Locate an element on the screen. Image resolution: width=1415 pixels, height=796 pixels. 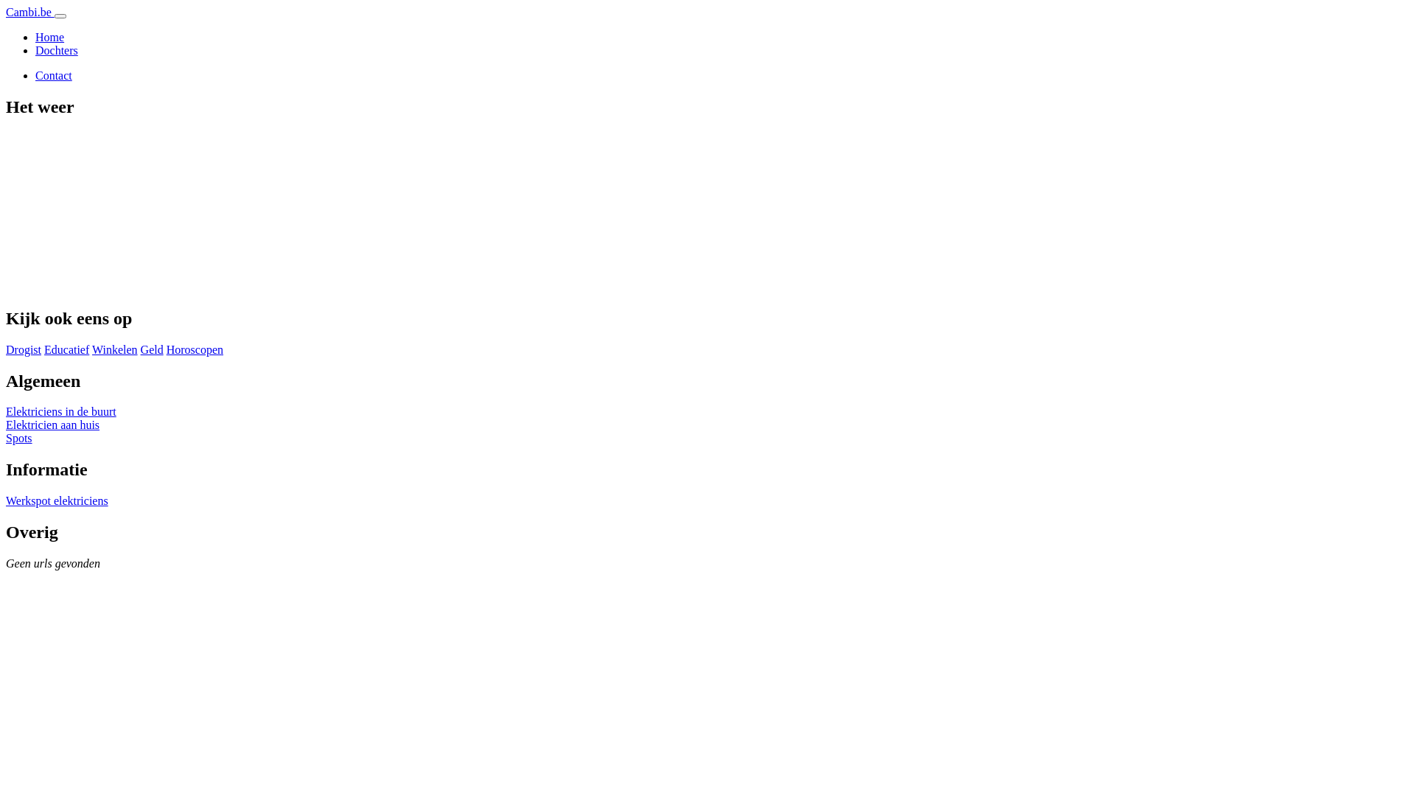
'Werkspot elektriciens' is located at coordinates (57, 500).